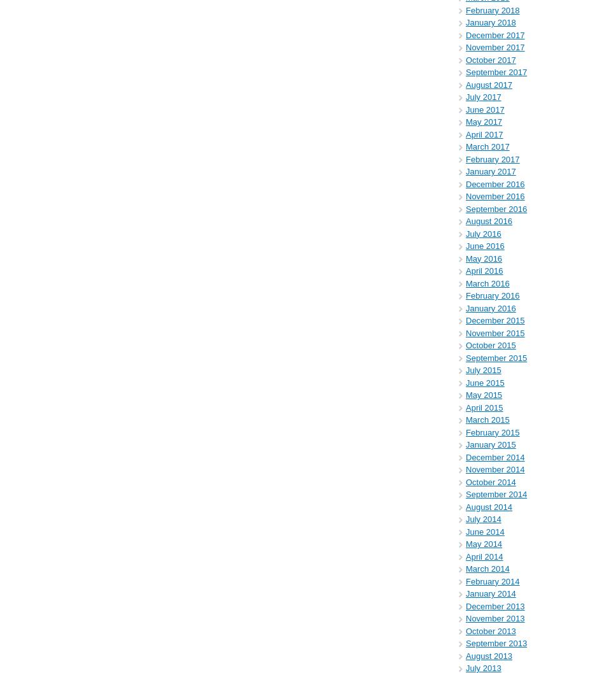 The image size is (599, 673). Describe the element at coordinates (494, 618) in the screenshot. I see `'November 2013'` at that location.